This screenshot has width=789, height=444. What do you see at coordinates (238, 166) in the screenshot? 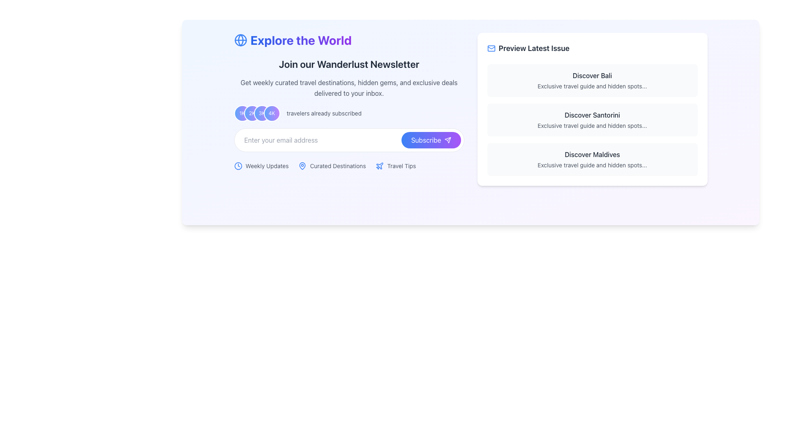
I see `the SVG Circle element with a blue outline that represents the main boundary of the clock icon located under the 'Weekly Updates' section` at bounding box center [238, 166].